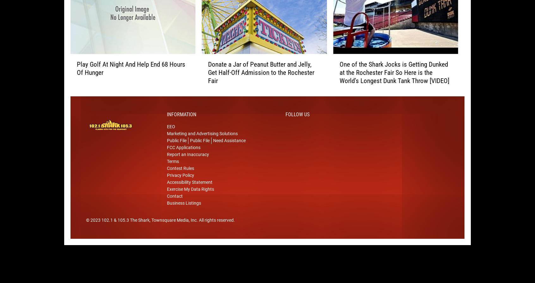 The height and width of the screenshot is (283, 535). What do you see at coordinates (188, 164) in the screenshot?
I see `'Report an Inaccuracy'` at bounding box center [188, 164].